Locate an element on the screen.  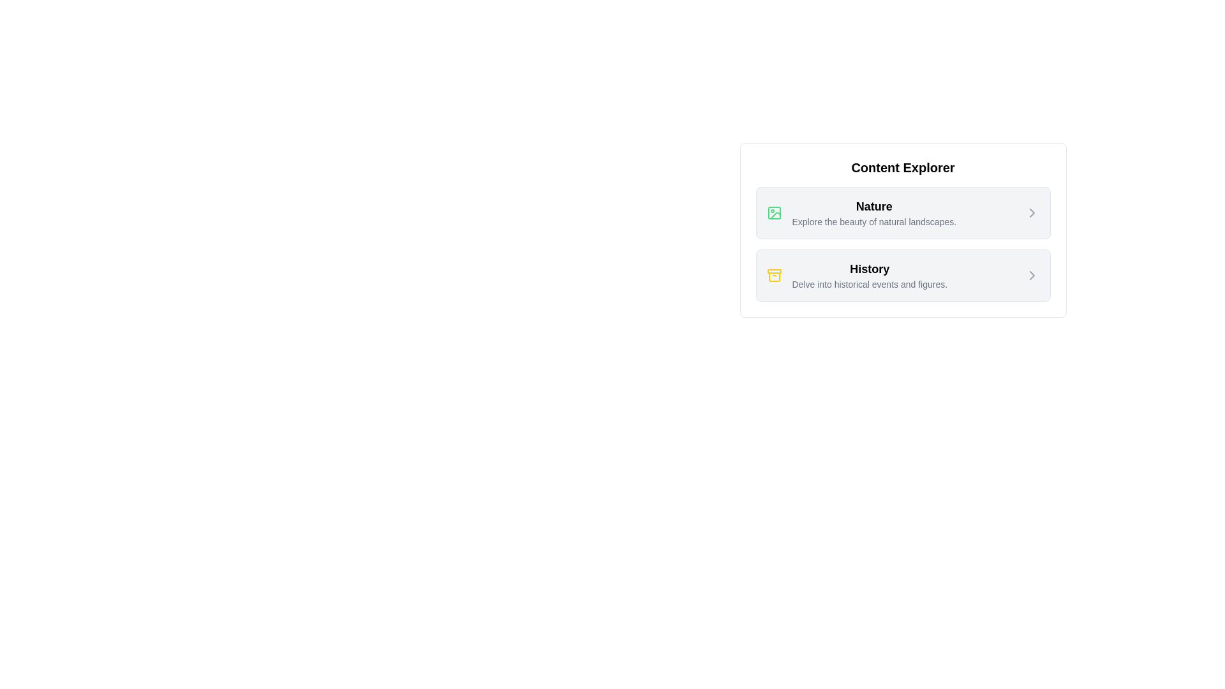
the icon with a yellow outline that resembles a rectangular box with rounded corners, located in the 'Content Explorer' interface, to trigger potential tooltips or visual feedback is located at coordinates (773, 276).